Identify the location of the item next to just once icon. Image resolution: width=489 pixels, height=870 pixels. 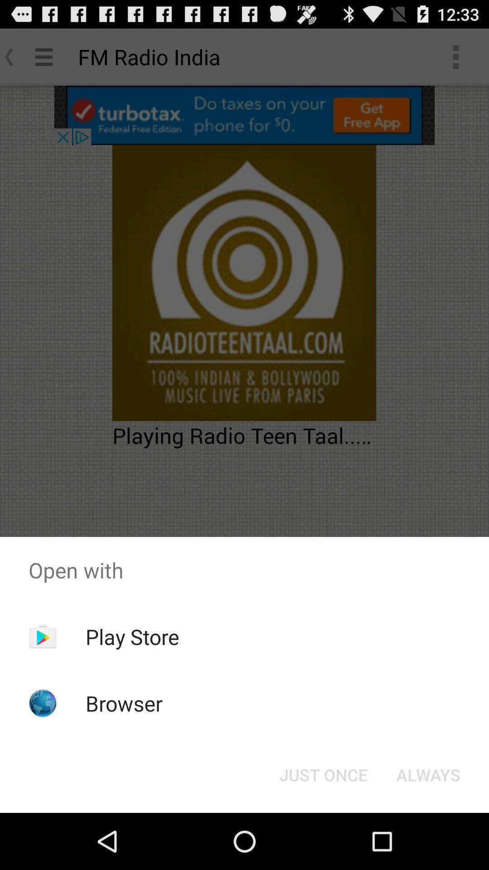
(428, 774).